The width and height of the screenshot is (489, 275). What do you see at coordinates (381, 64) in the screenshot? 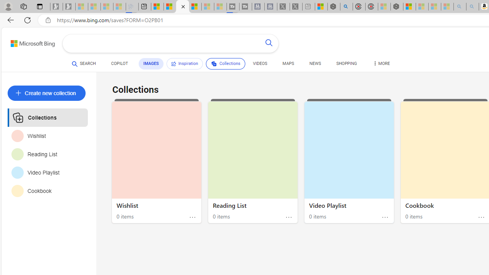
I see `'MORE'` at bounding box center [381, 64].